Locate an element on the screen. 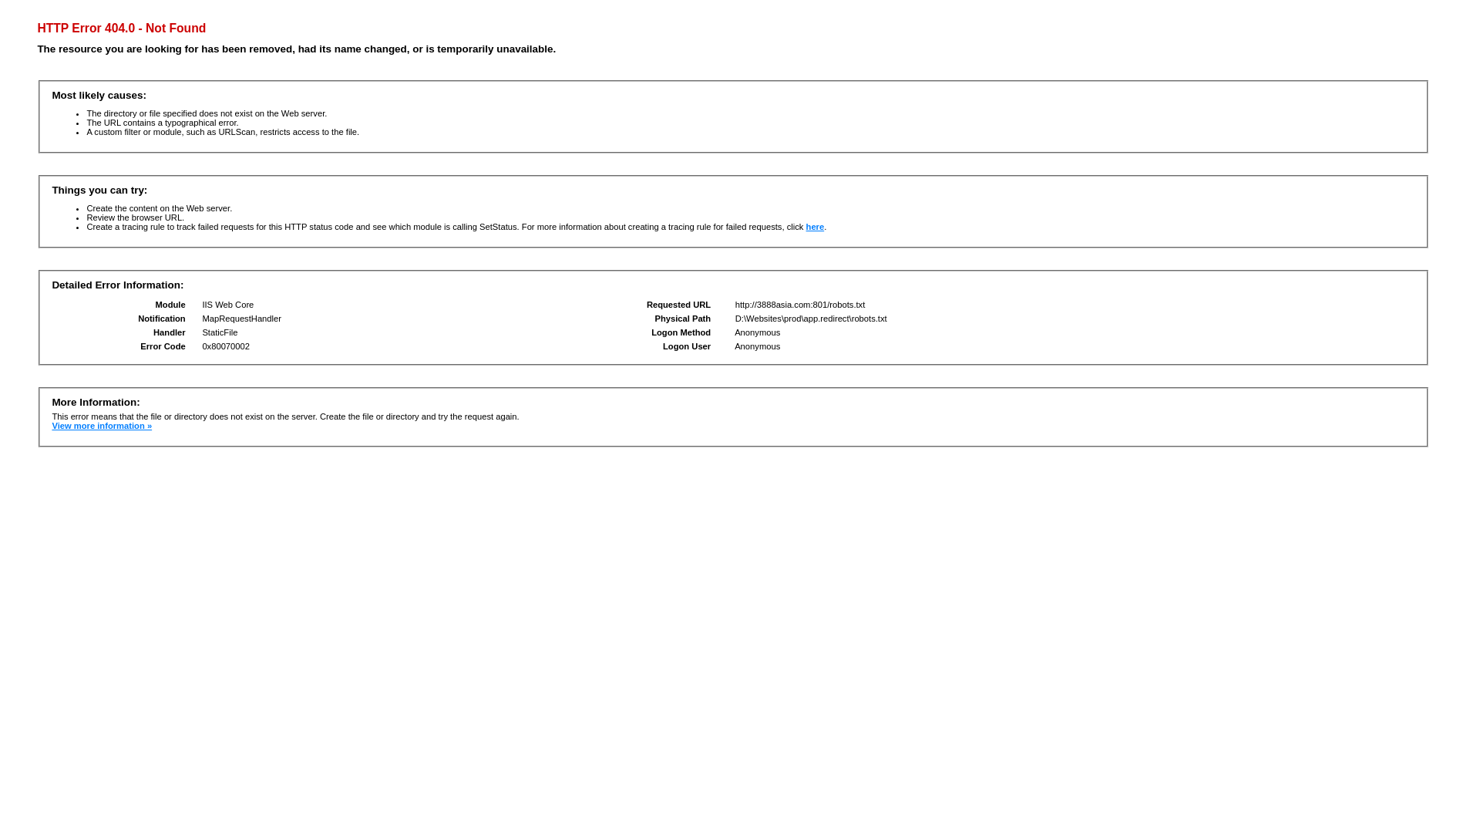 The width and height of the screenshot is (1480, 833). 'here' is located at coordinates (806, 226).